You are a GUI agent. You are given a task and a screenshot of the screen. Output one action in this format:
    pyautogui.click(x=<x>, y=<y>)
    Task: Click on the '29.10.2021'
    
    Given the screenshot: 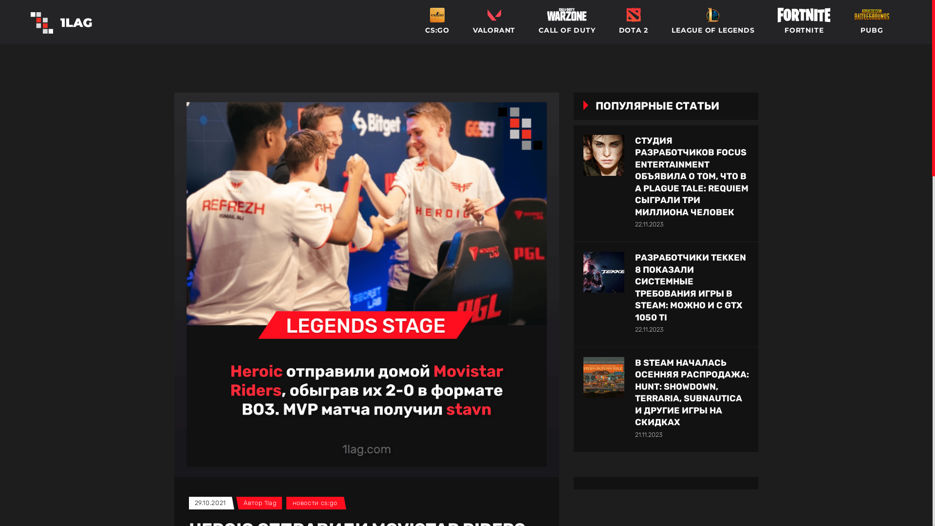 What is the action you would take?
    pyautogui.click(x=210, y=503)
    